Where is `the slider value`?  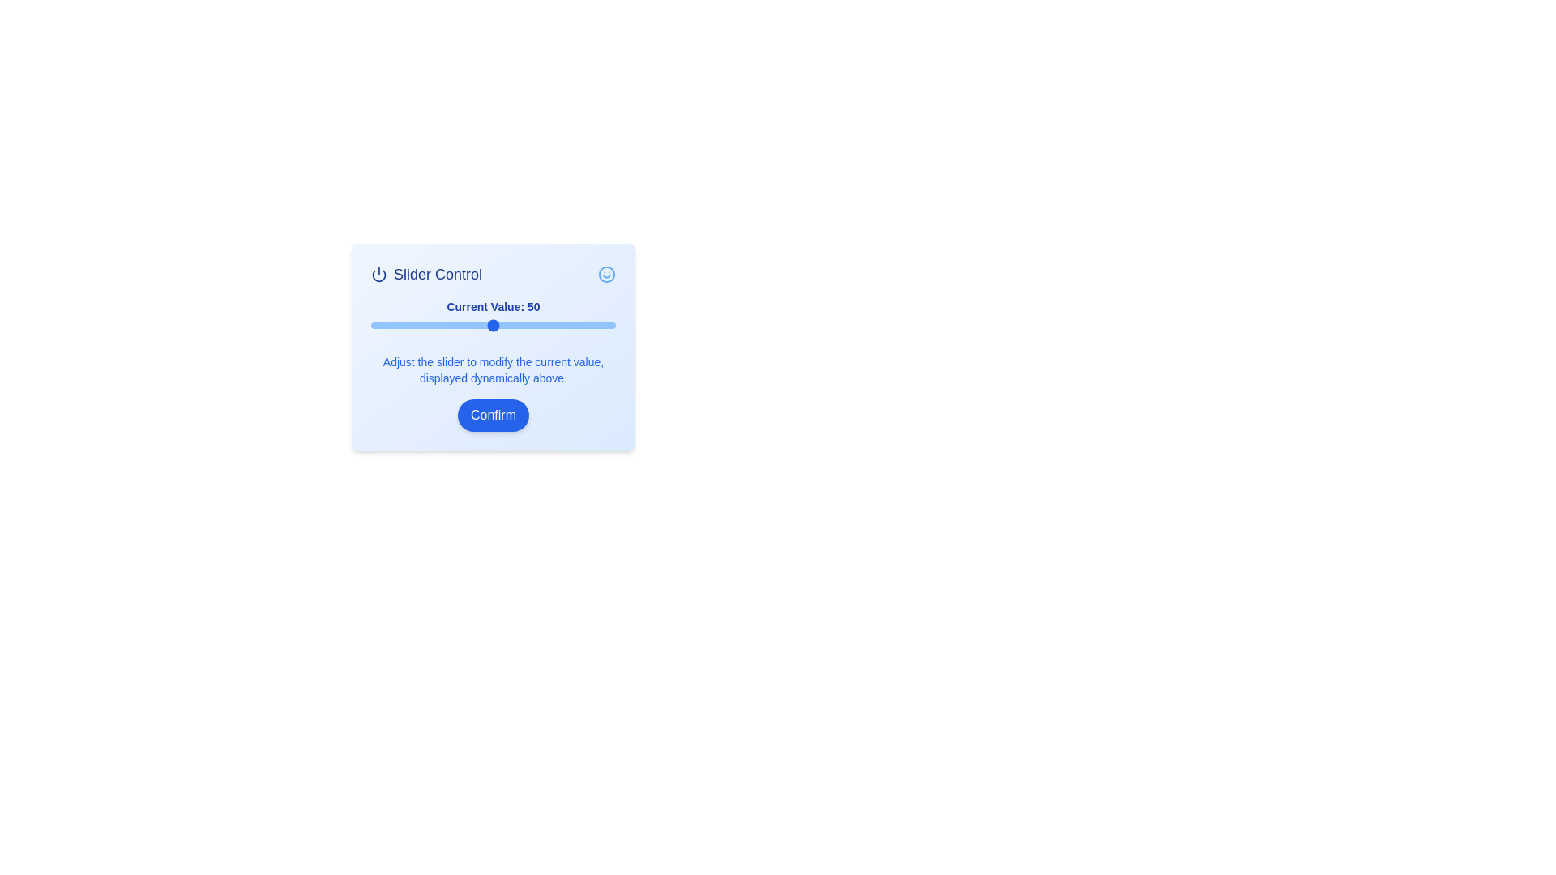
the slider value is located at coordinates (427, 325).